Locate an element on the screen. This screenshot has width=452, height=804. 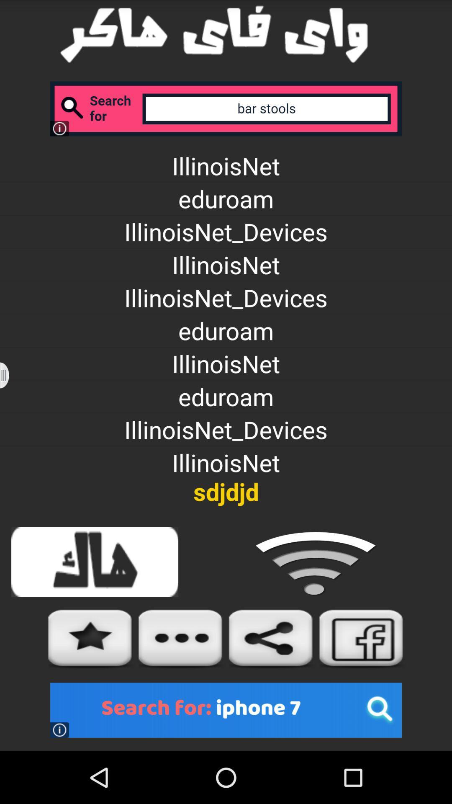
search box is located at coordinates (226, 108).